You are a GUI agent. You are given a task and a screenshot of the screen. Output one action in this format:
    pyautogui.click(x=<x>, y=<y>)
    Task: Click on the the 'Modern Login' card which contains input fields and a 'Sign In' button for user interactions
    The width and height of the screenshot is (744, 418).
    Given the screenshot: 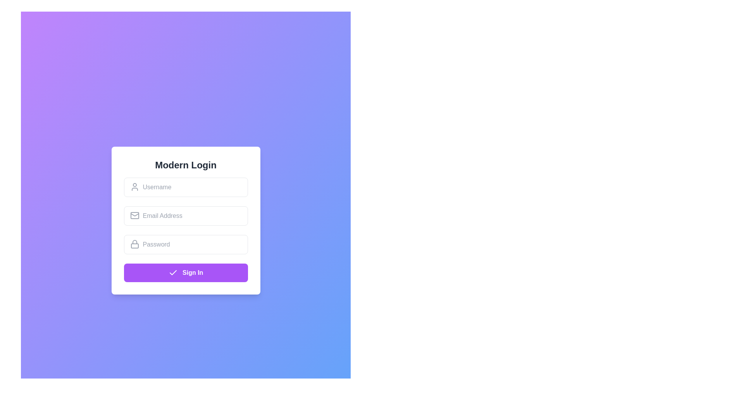 What is the action you would take?
    pyautogui.click(x=185, y=221)
    